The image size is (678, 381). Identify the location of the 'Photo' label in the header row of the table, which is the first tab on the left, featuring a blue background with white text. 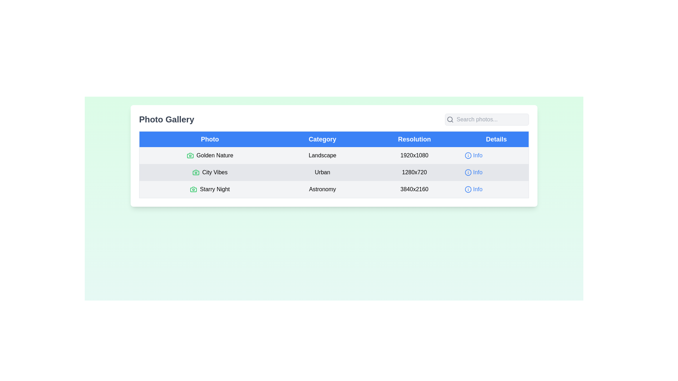
(209, 139).